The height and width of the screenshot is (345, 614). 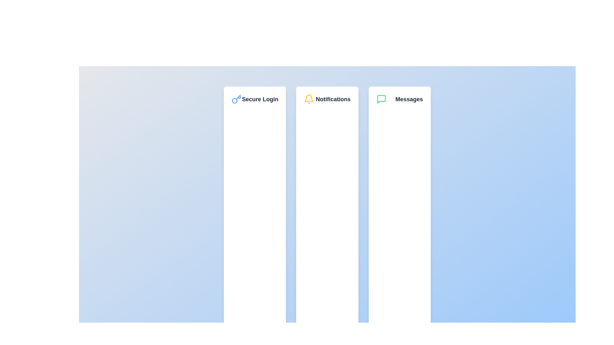 I want to click on the text label indicating secure login features, located at the top-center of the leftmost panel next to a key icon, so click(x=260, y=99).